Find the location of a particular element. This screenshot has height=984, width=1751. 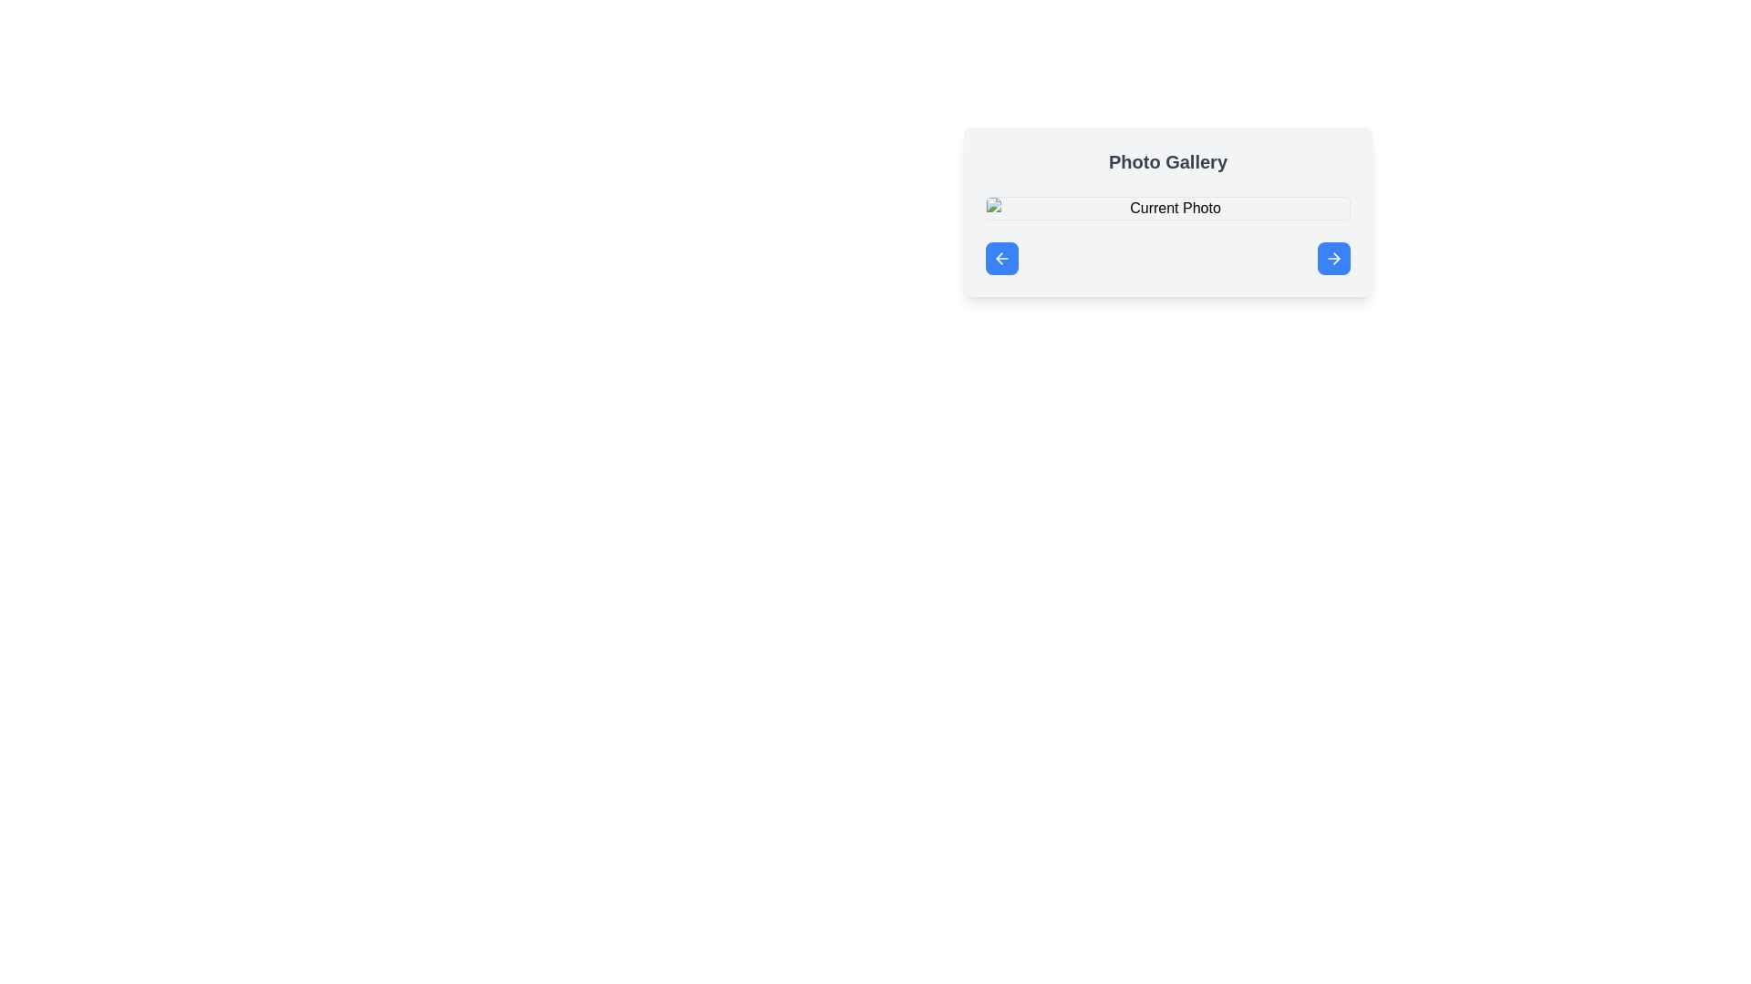

the blue button containing the left-pointing arrow icon located at the bottom left of the 'Photo Gallery' section is located at coordinates (1001, 259).